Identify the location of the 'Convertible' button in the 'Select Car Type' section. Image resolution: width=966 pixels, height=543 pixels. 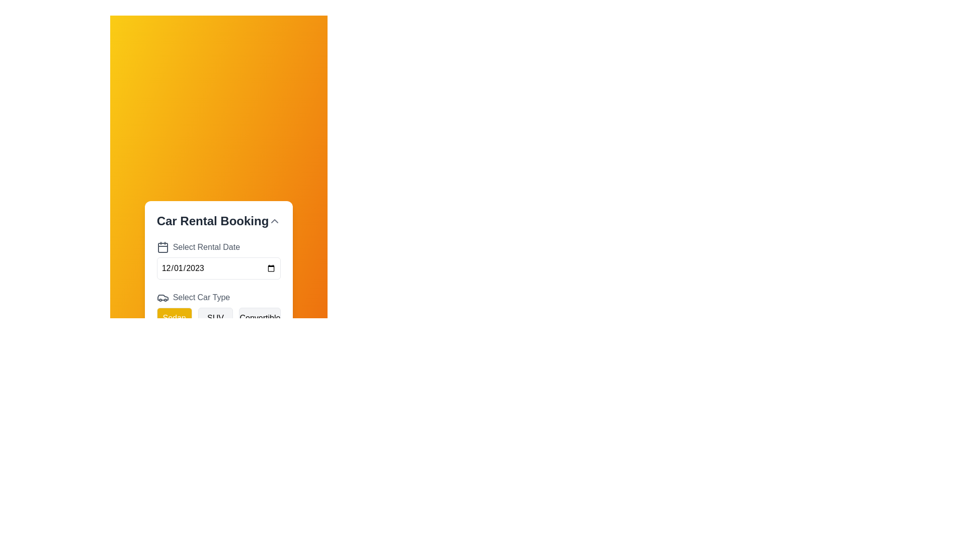
(260, 318).